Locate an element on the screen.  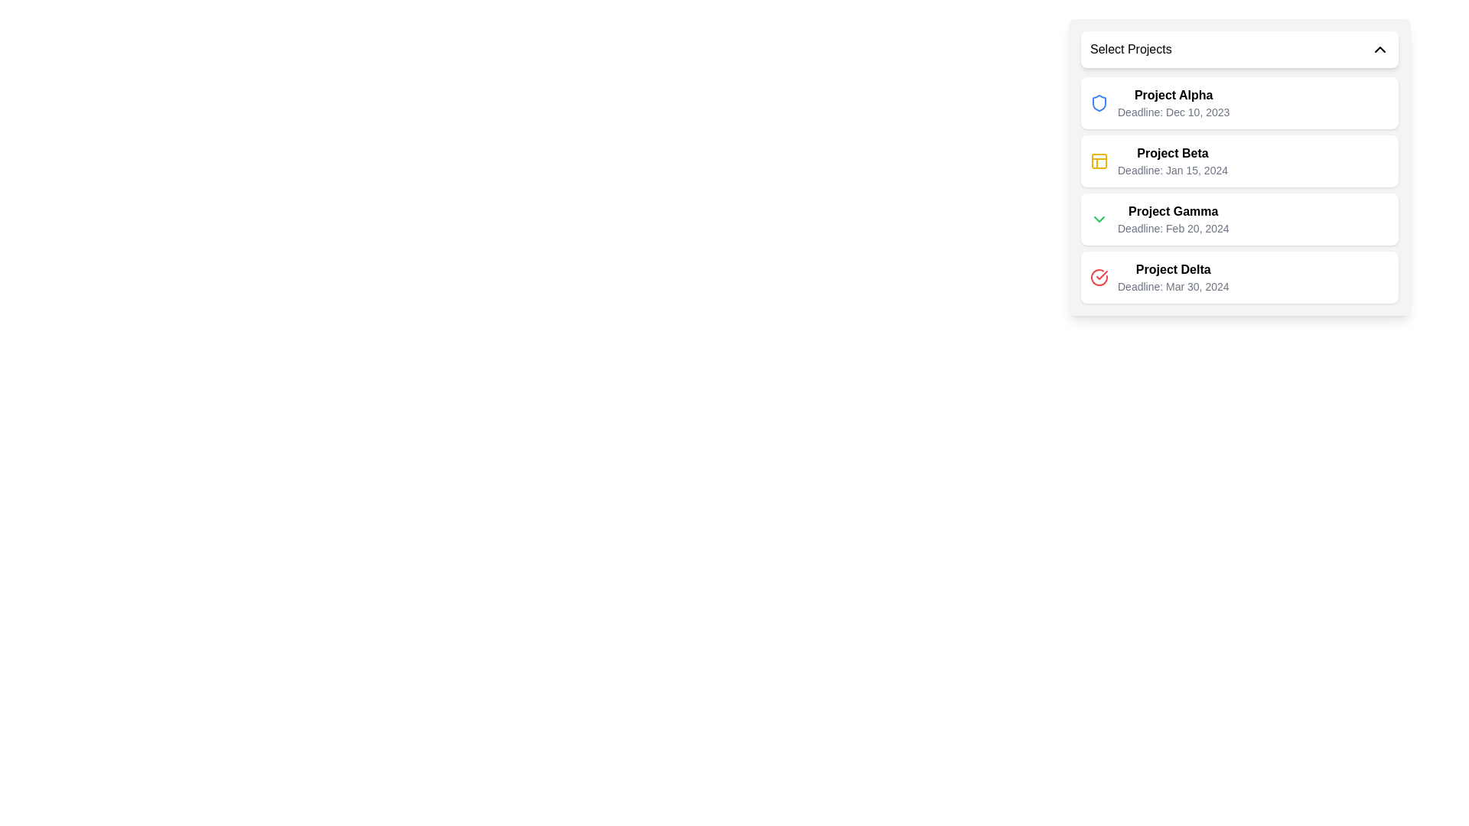
the chevron icon is located at coordinates (1098, 219).